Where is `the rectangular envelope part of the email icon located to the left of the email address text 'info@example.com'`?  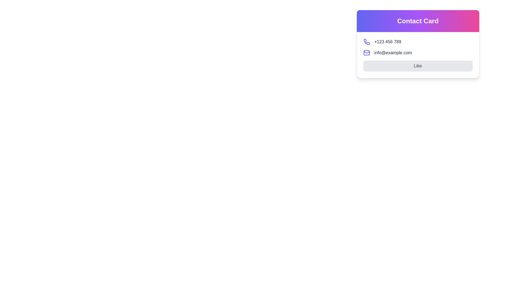
the rectangular envelope part of the email icon located to the left of the email address text 'info@example.com' is located at coordinates (366, 53).